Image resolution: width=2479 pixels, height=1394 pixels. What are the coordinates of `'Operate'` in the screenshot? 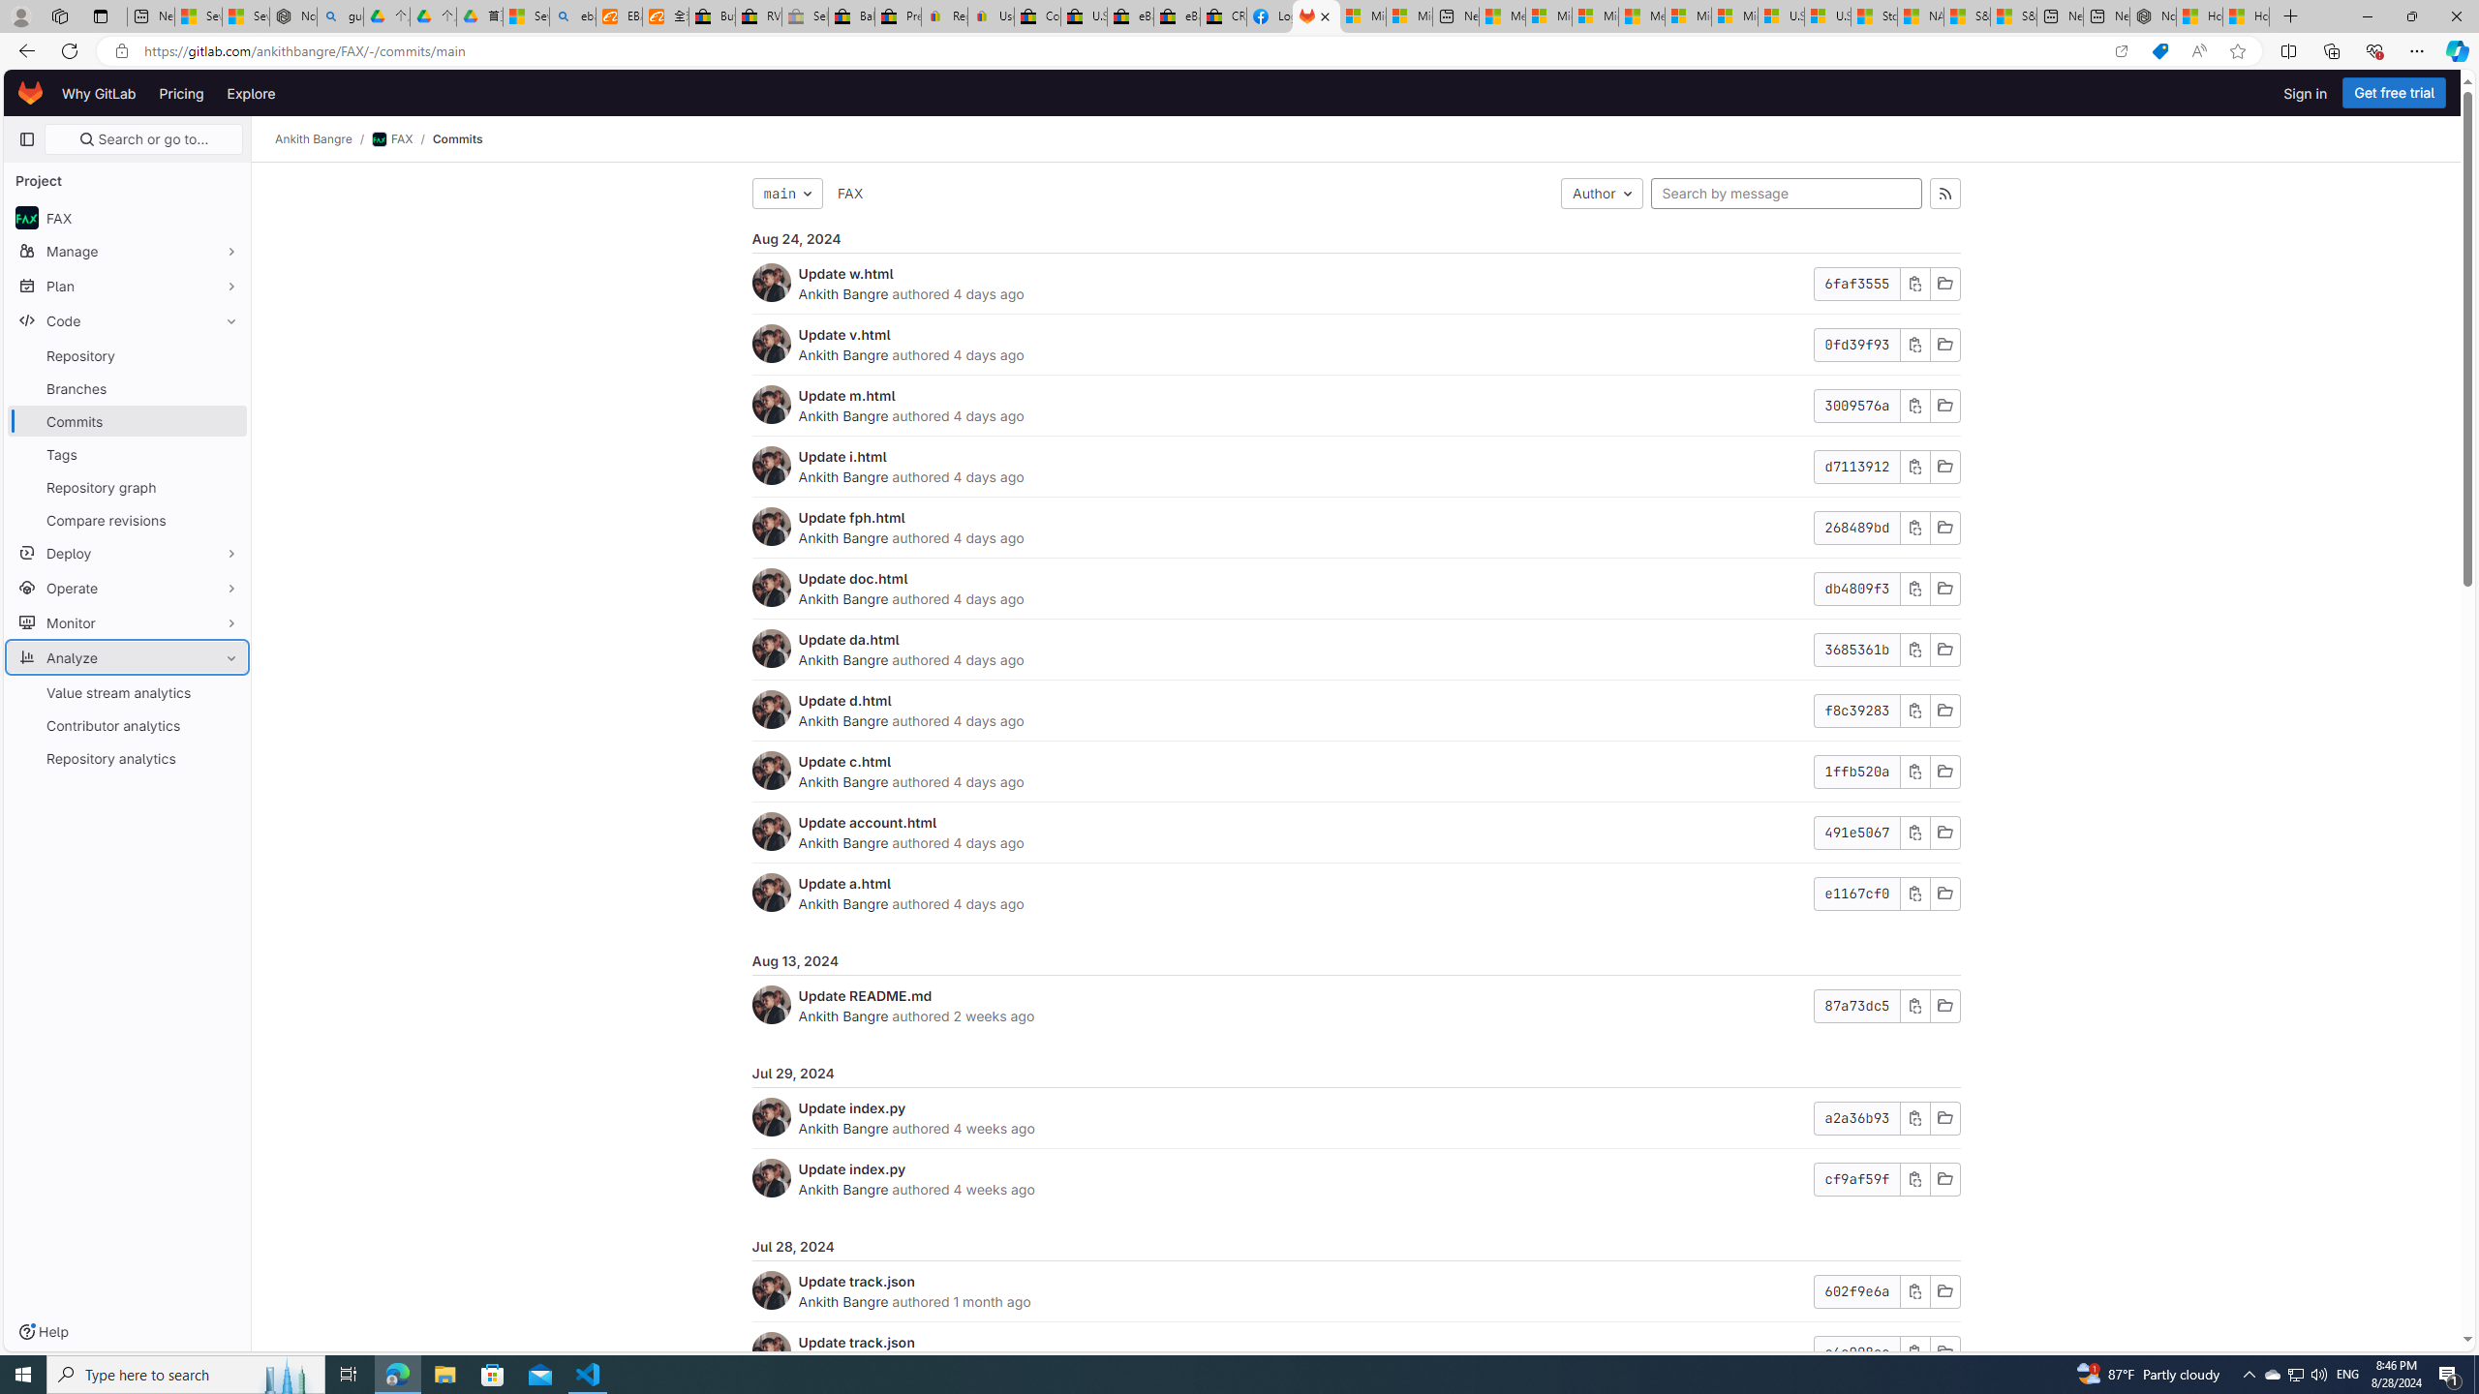 It's located at (126, 586).